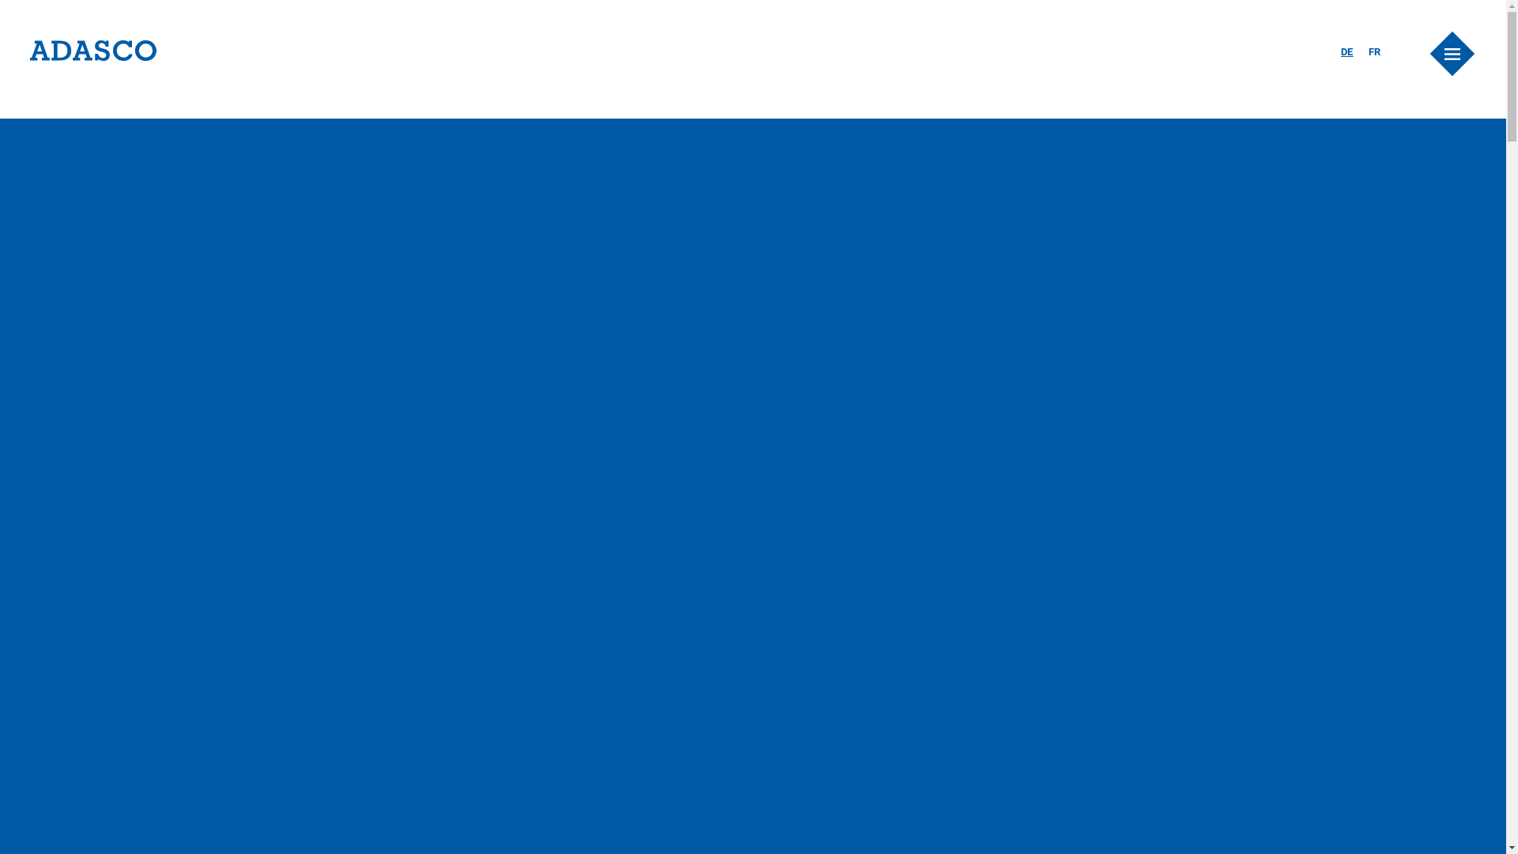  What do you see at coordinates (1373, 51) in the screenshot?
I see `'FR'` at bounding box center [1373, 51].